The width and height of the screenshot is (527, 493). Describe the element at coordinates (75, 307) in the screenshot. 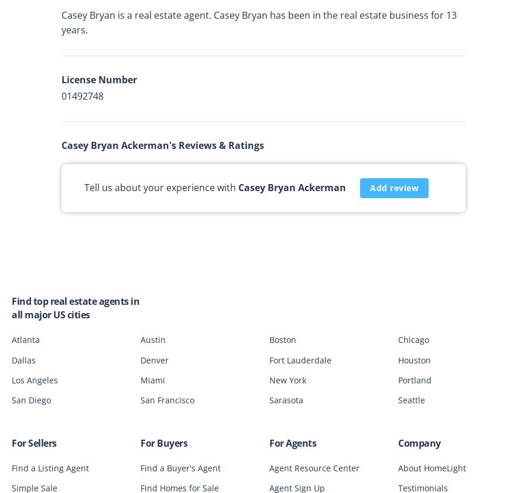

I see `'Find top real estate agents in all major US cities'` at that location.